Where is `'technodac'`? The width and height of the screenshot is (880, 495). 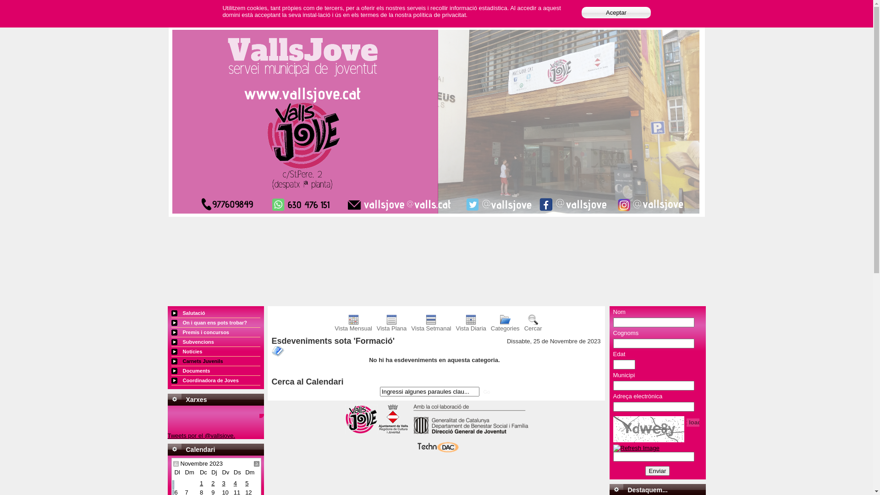
'technodac' is located at coordinates (435, 451).